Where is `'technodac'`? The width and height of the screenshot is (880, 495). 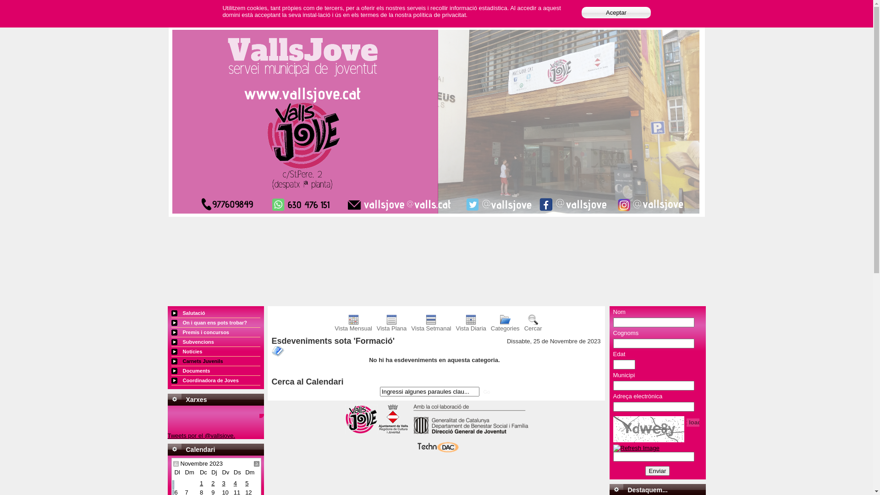
'technodac' is located at coordinates (435, 451).